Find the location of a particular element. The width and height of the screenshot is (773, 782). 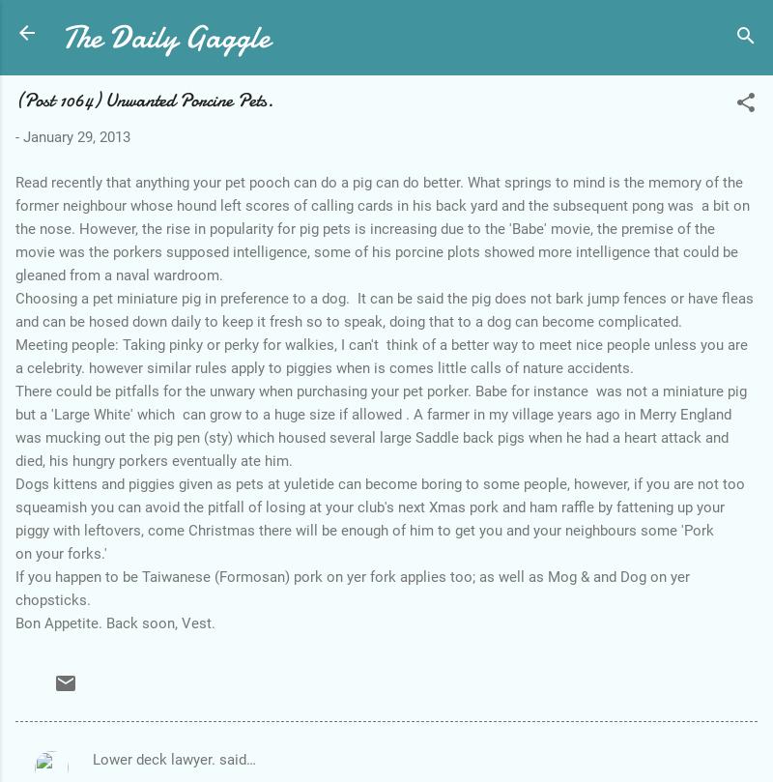

'Read recently that anything your pet pooch can do a pig can do better. What springs to mind is the memory of the former neighbour whose hound left scores of calling cards in his back yard and the subsequent pong was  a bit on the nose. However, the rise in popularity for pig pets is increasing due to the 'Babe' movie, the premise of the movie was the porkers supposed intelligence, some of his porcine plots showed more intelligence that could be gleaned from a naval wardroom.' is located at coordinates (382, 226).